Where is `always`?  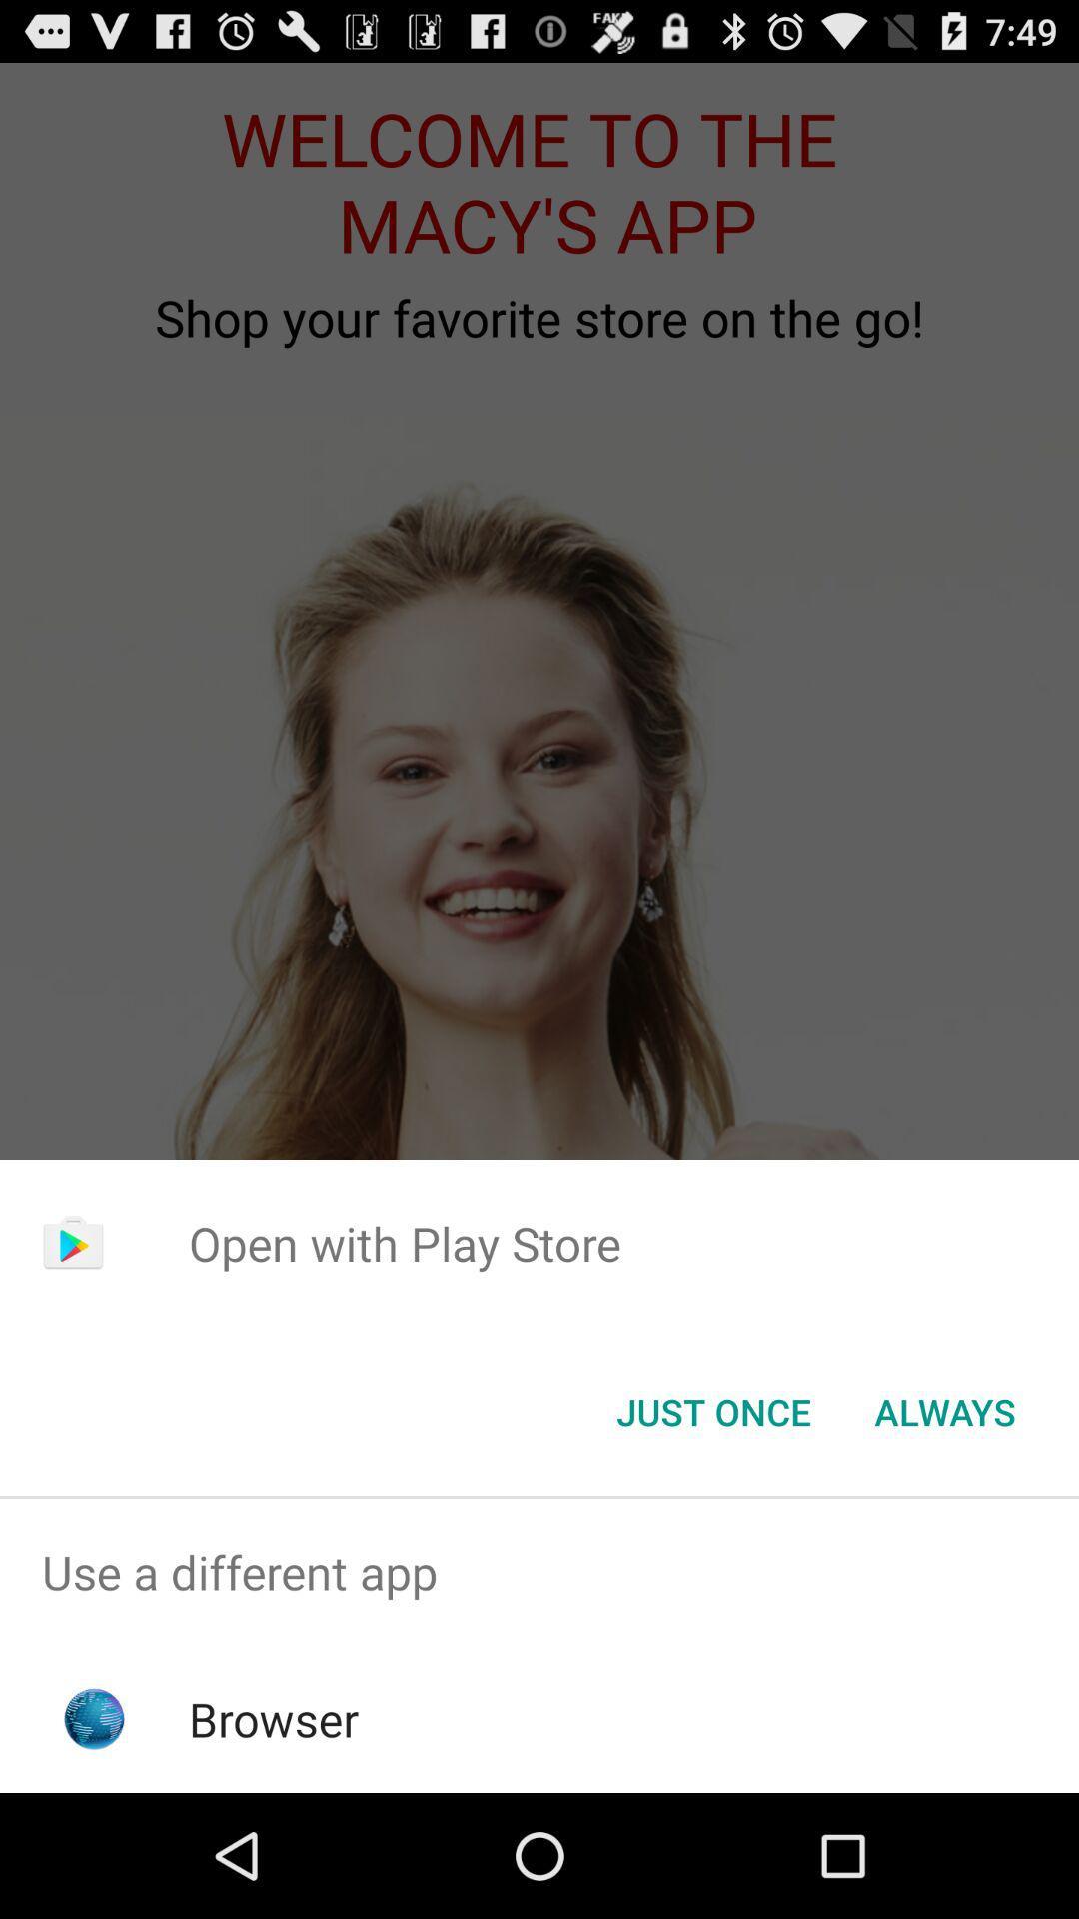 always is located at coordinates (944, 1410).